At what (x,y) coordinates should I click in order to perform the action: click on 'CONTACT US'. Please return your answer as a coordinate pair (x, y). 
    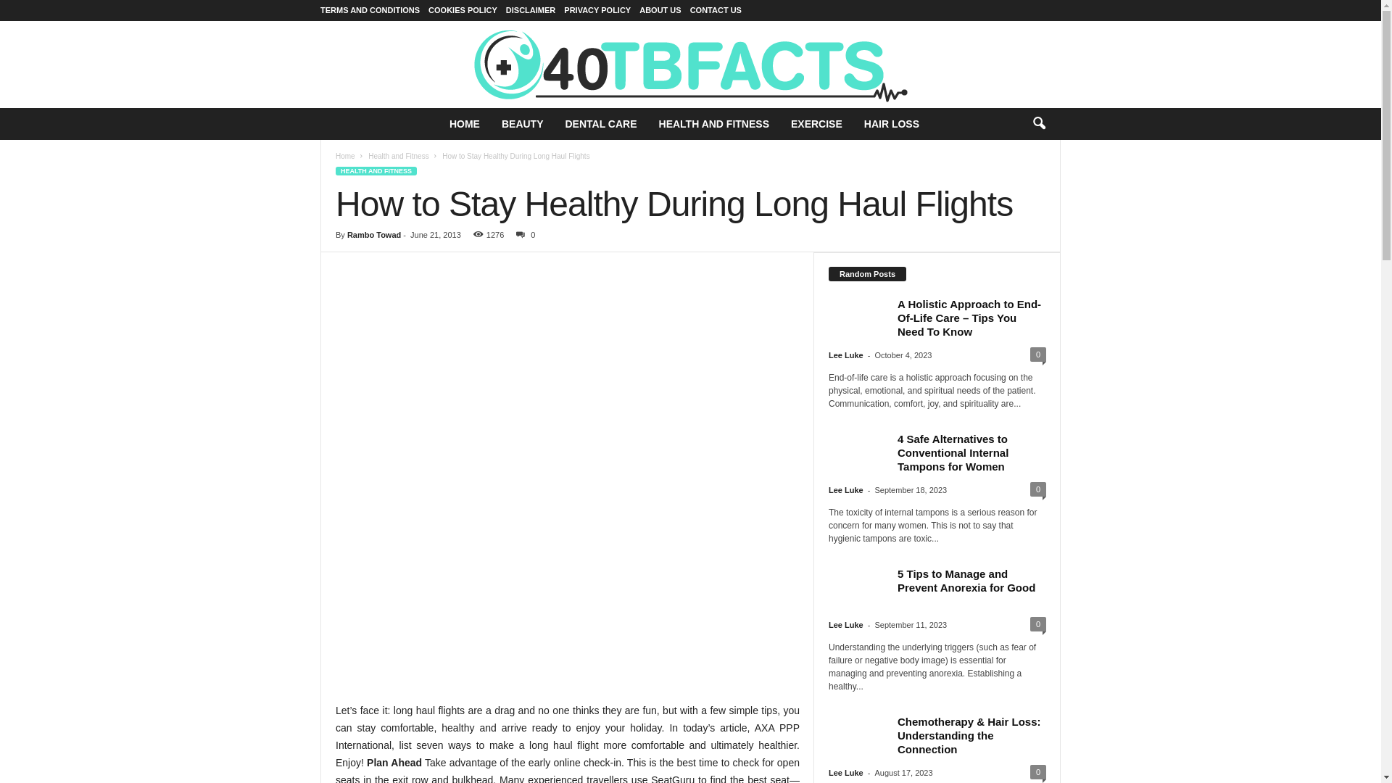
    Looking at the image, I should click on (716, 10).